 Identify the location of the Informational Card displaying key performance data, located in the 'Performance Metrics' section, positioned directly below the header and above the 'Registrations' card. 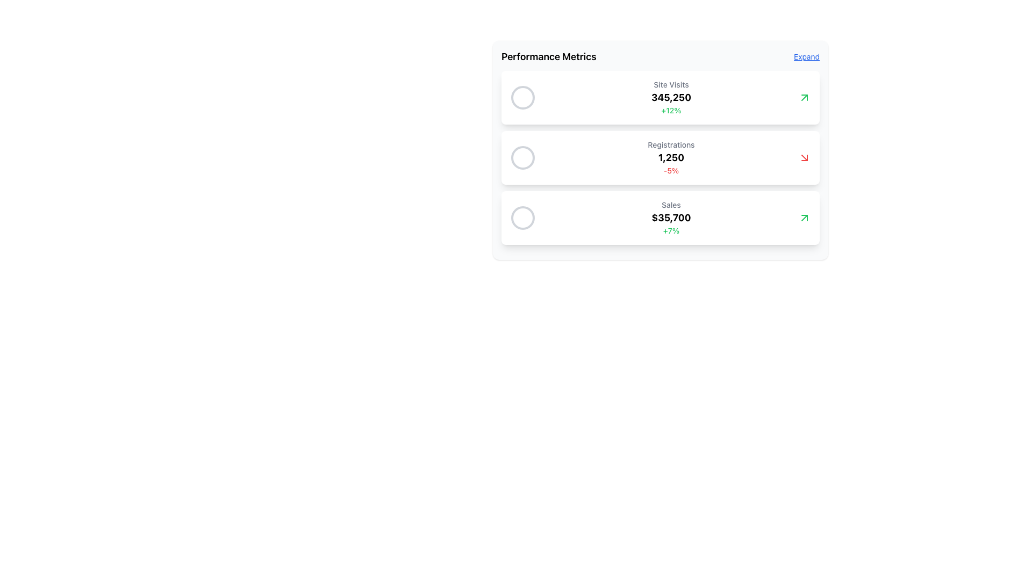
(660, 97).